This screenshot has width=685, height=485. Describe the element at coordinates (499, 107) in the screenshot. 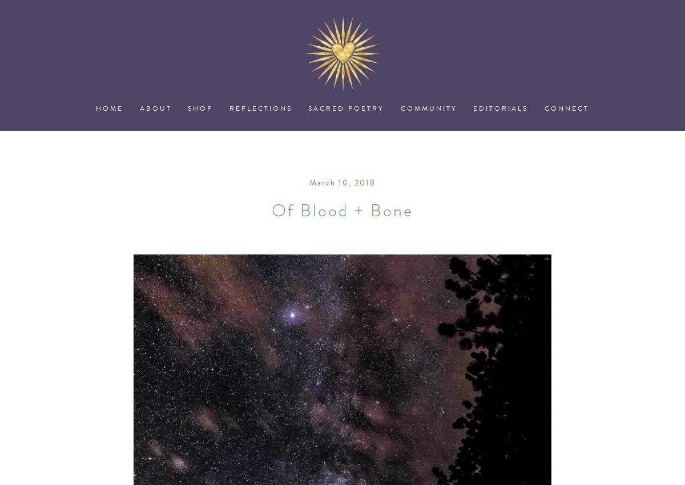

I see `'Editorials'` at that location.